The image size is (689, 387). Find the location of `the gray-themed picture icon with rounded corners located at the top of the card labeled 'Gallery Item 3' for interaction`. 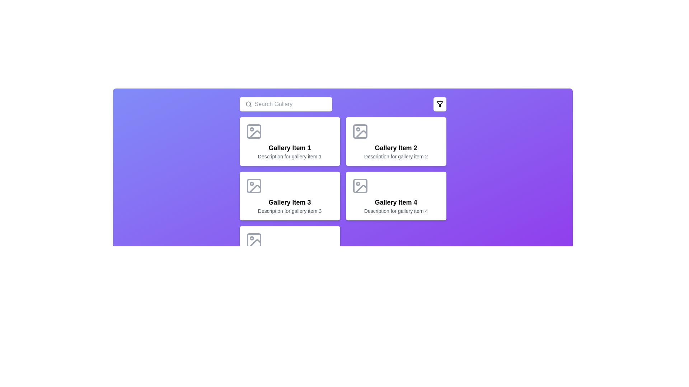

the gray-themed picture icon with rounded corners located at the top of the card labeled 'Gallery Item 3' for interaction is located at coordinates (254, 186).